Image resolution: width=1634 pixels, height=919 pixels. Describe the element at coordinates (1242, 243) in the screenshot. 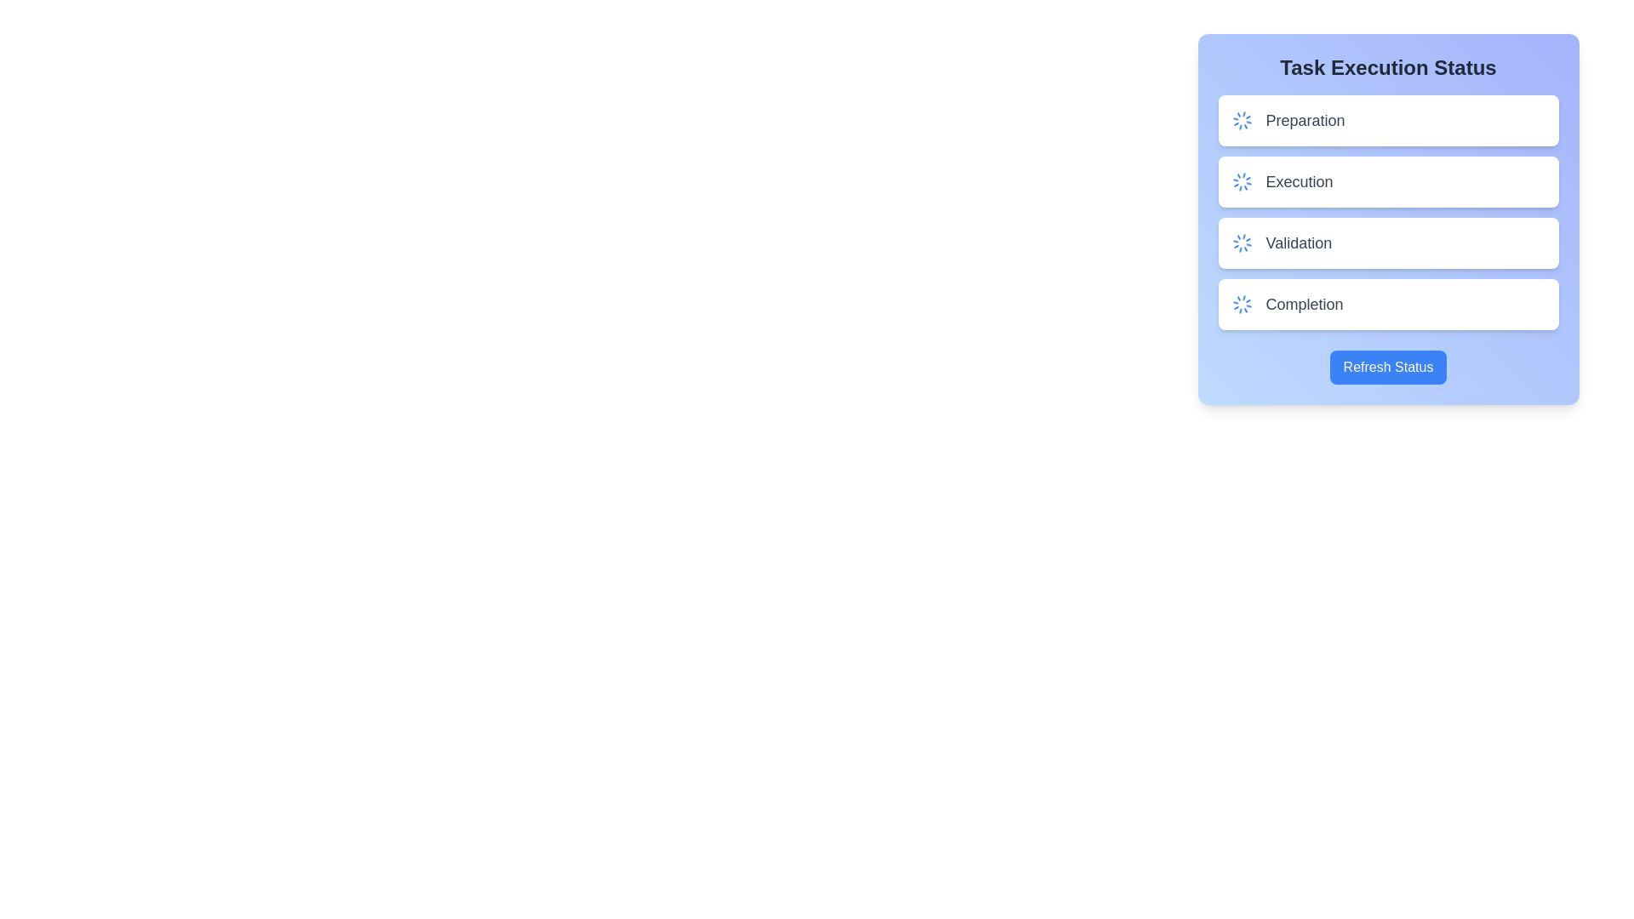

I see `the compact spinner icon with a circular animation effect located in the 'Validation' section, positioned to the left of the 'Validation' label` at that location.